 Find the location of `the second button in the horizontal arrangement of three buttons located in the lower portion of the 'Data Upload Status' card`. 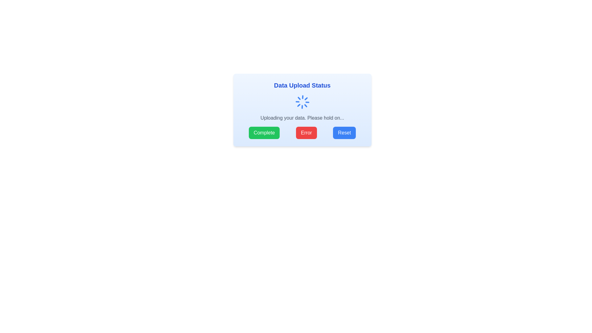

the second button in the horizontal arrangement of three buttons located in the lower portion of the 'Data Upload Status' card is located at coordinates (302, 133).